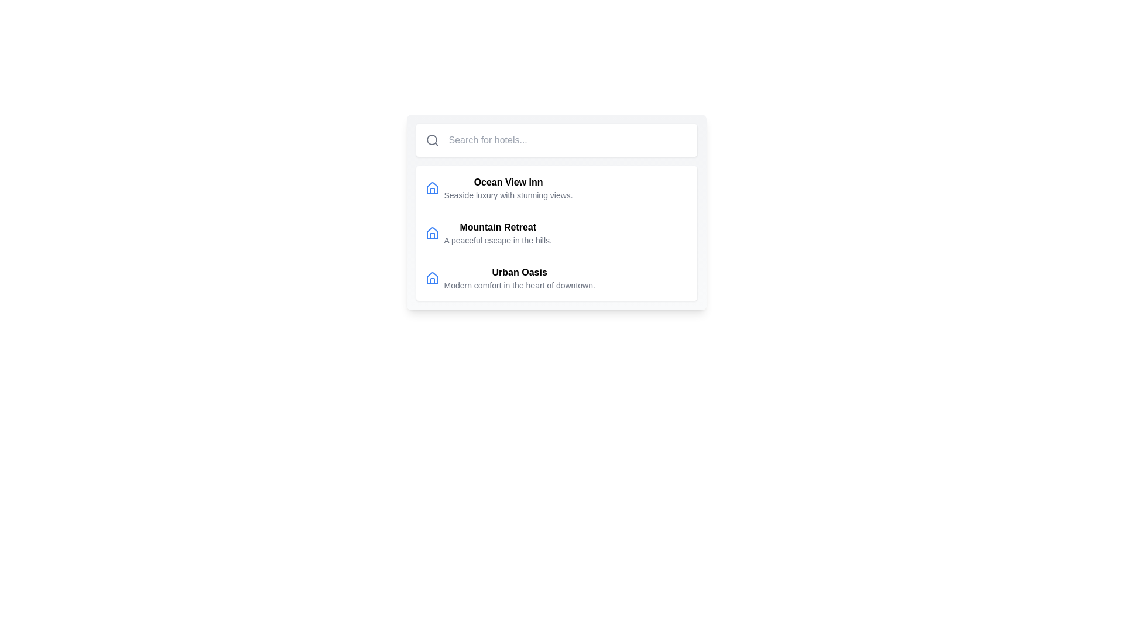 This screenshot has width=1124, height=632. What do you see at coordinates (431, 139) in the screenshot?
I see `the gray magnifying glass icon with a circular handle, which is positioned to the left of the 'Search for hotels...' text input field` at bounding box center [431, 139].